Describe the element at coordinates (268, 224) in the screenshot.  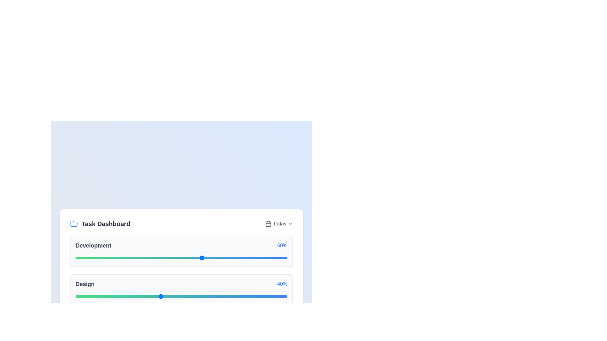
I see `the calendar icon located to the left of the 'Today' text in the top-right corner of the card-like section` at that location.